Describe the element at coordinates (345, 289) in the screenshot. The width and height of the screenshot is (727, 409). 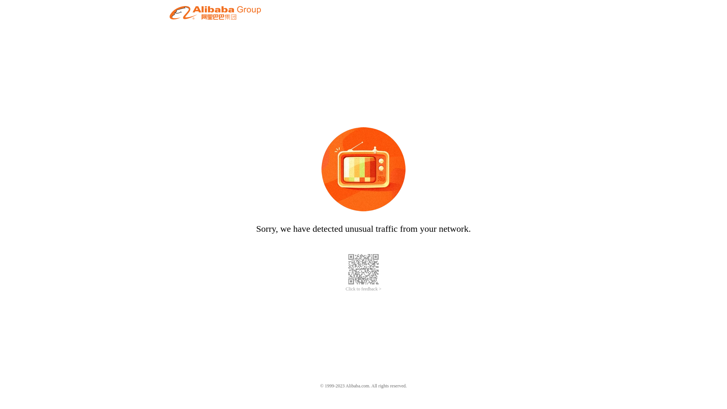
I see `'Click to feedback >'` at that location.